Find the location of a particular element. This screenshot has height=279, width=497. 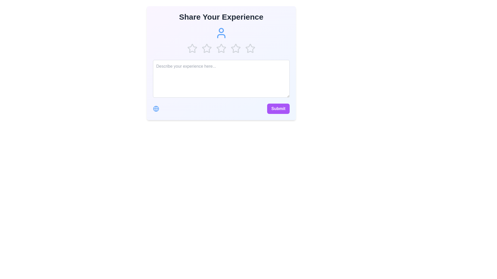

the user icon represented by a blue outlined figure of a person, located in the second row below the 'Share Your Experience' heading and above the star rating icons is located at coordinates (221, 33).